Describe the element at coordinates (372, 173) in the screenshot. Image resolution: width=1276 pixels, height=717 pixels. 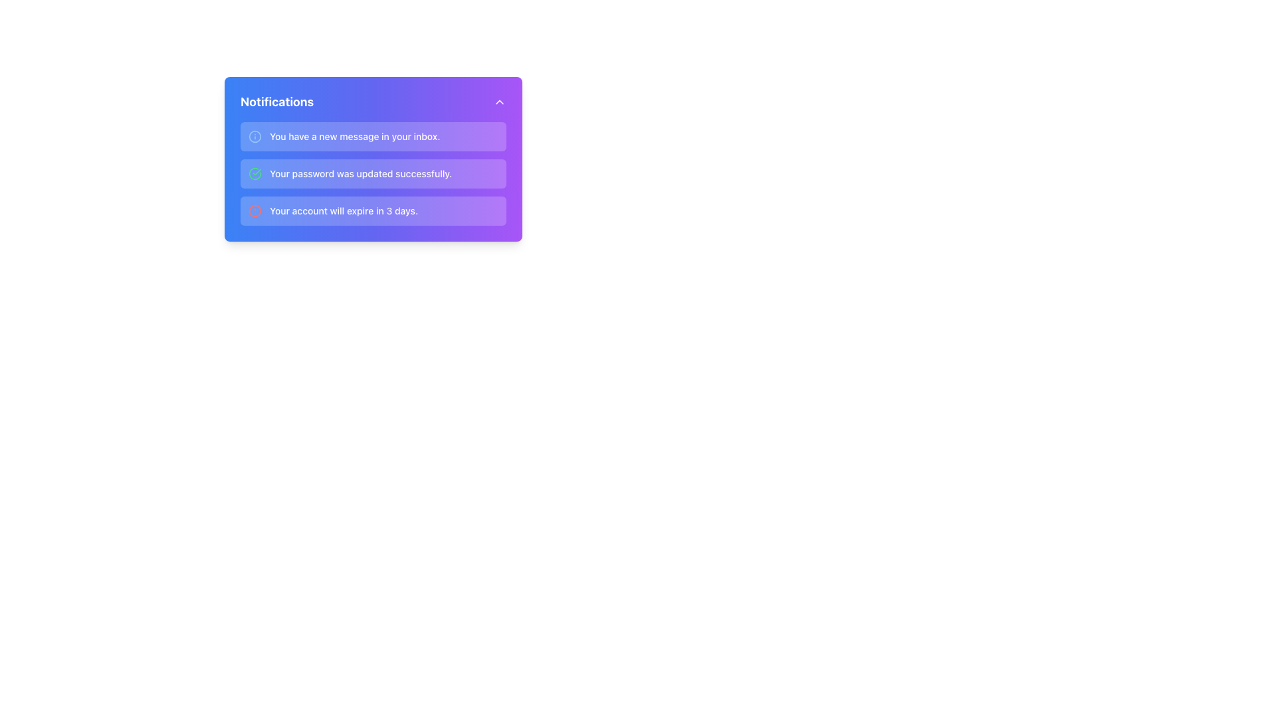
I see `the notification message box displaying 'Your password was updated successfully.' which is styled with a green checkmark icon on the left and has rounded corners` at that location.